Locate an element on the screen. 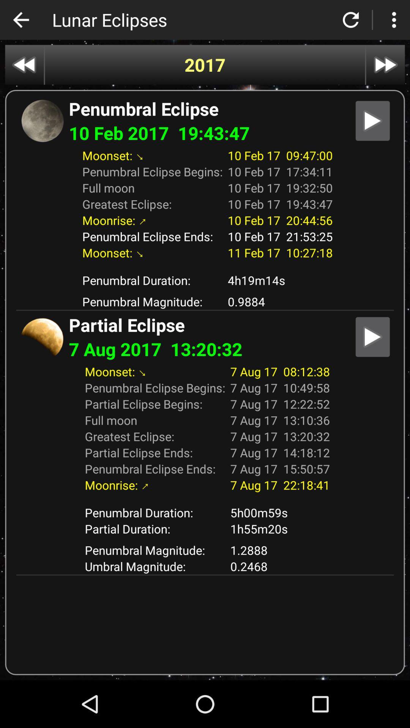 This screenshot has height=728, width=410. go back is located at coordinates (20, 20).